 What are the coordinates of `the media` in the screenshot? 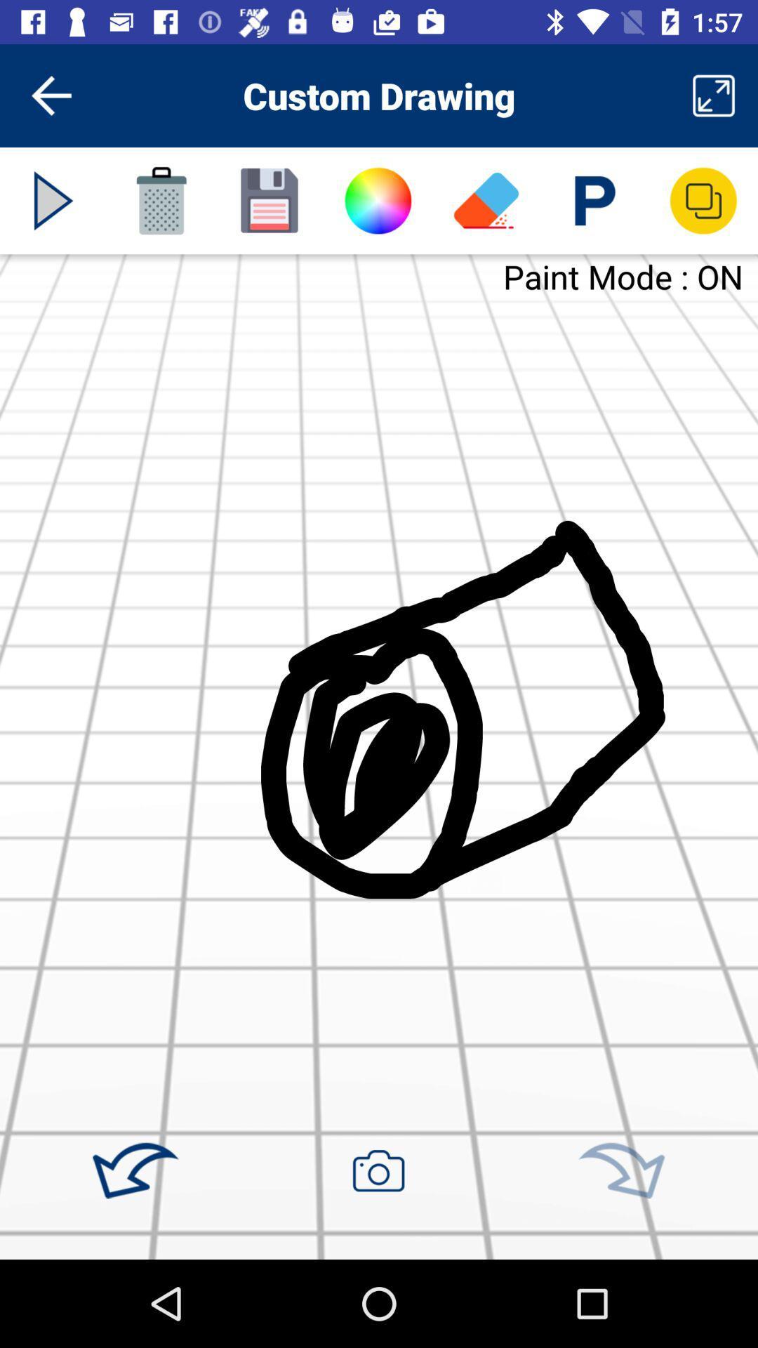 It's located at (53, 200).